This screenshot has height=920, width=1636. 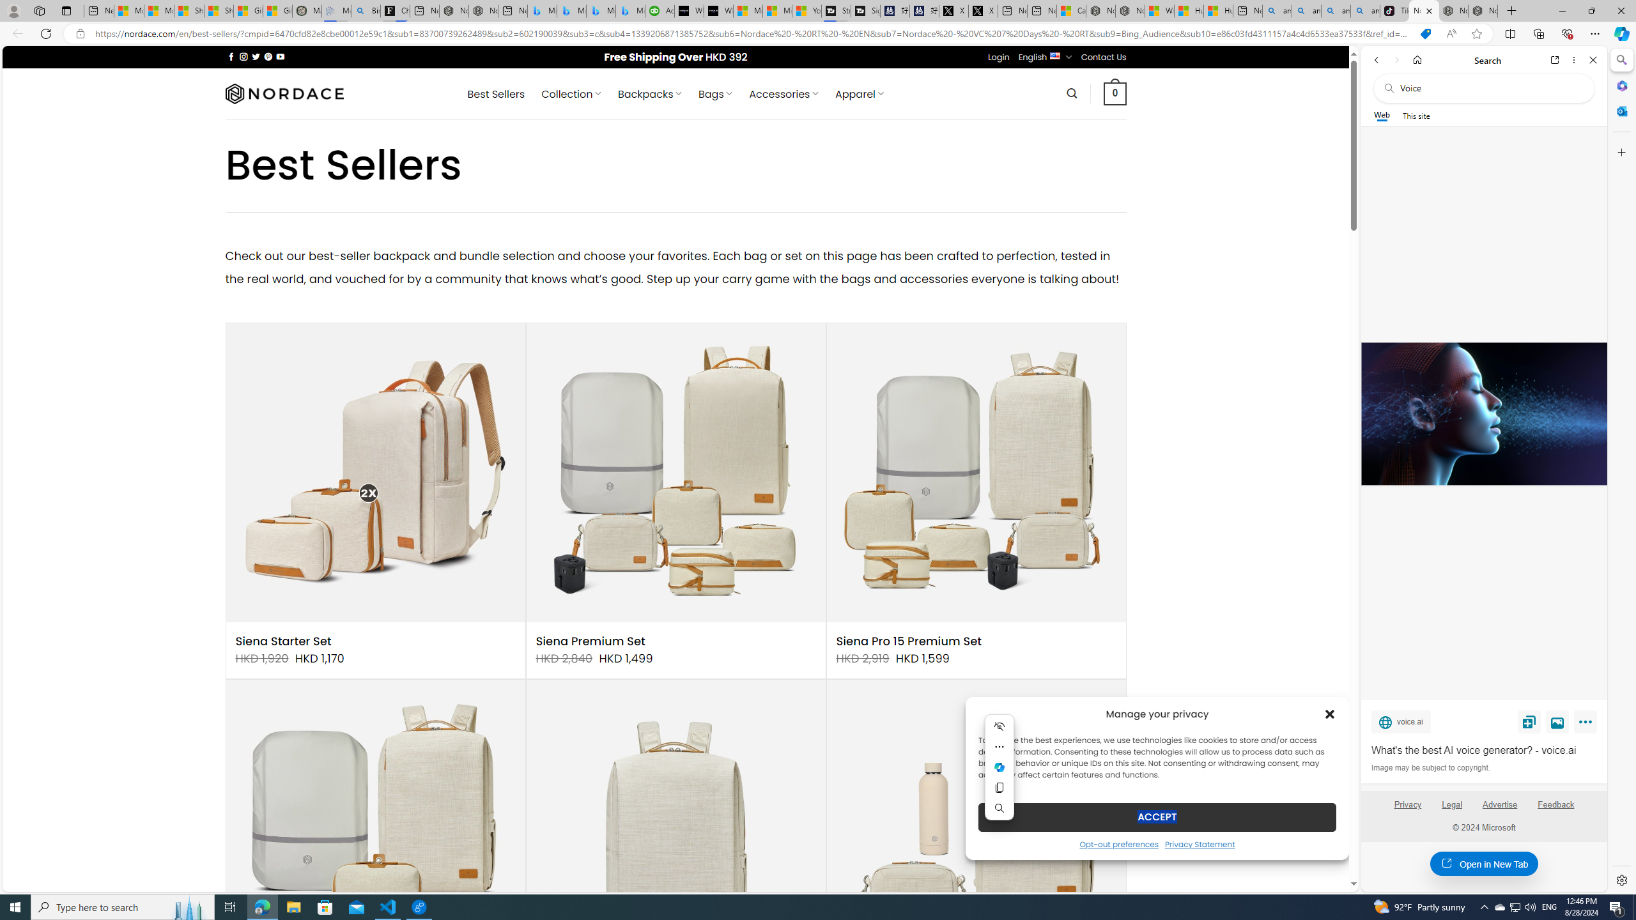 What do you see at coordinates (1500, 804) in the screenshot?
I see `'Advertise'` at bounding box center [1500, 804].